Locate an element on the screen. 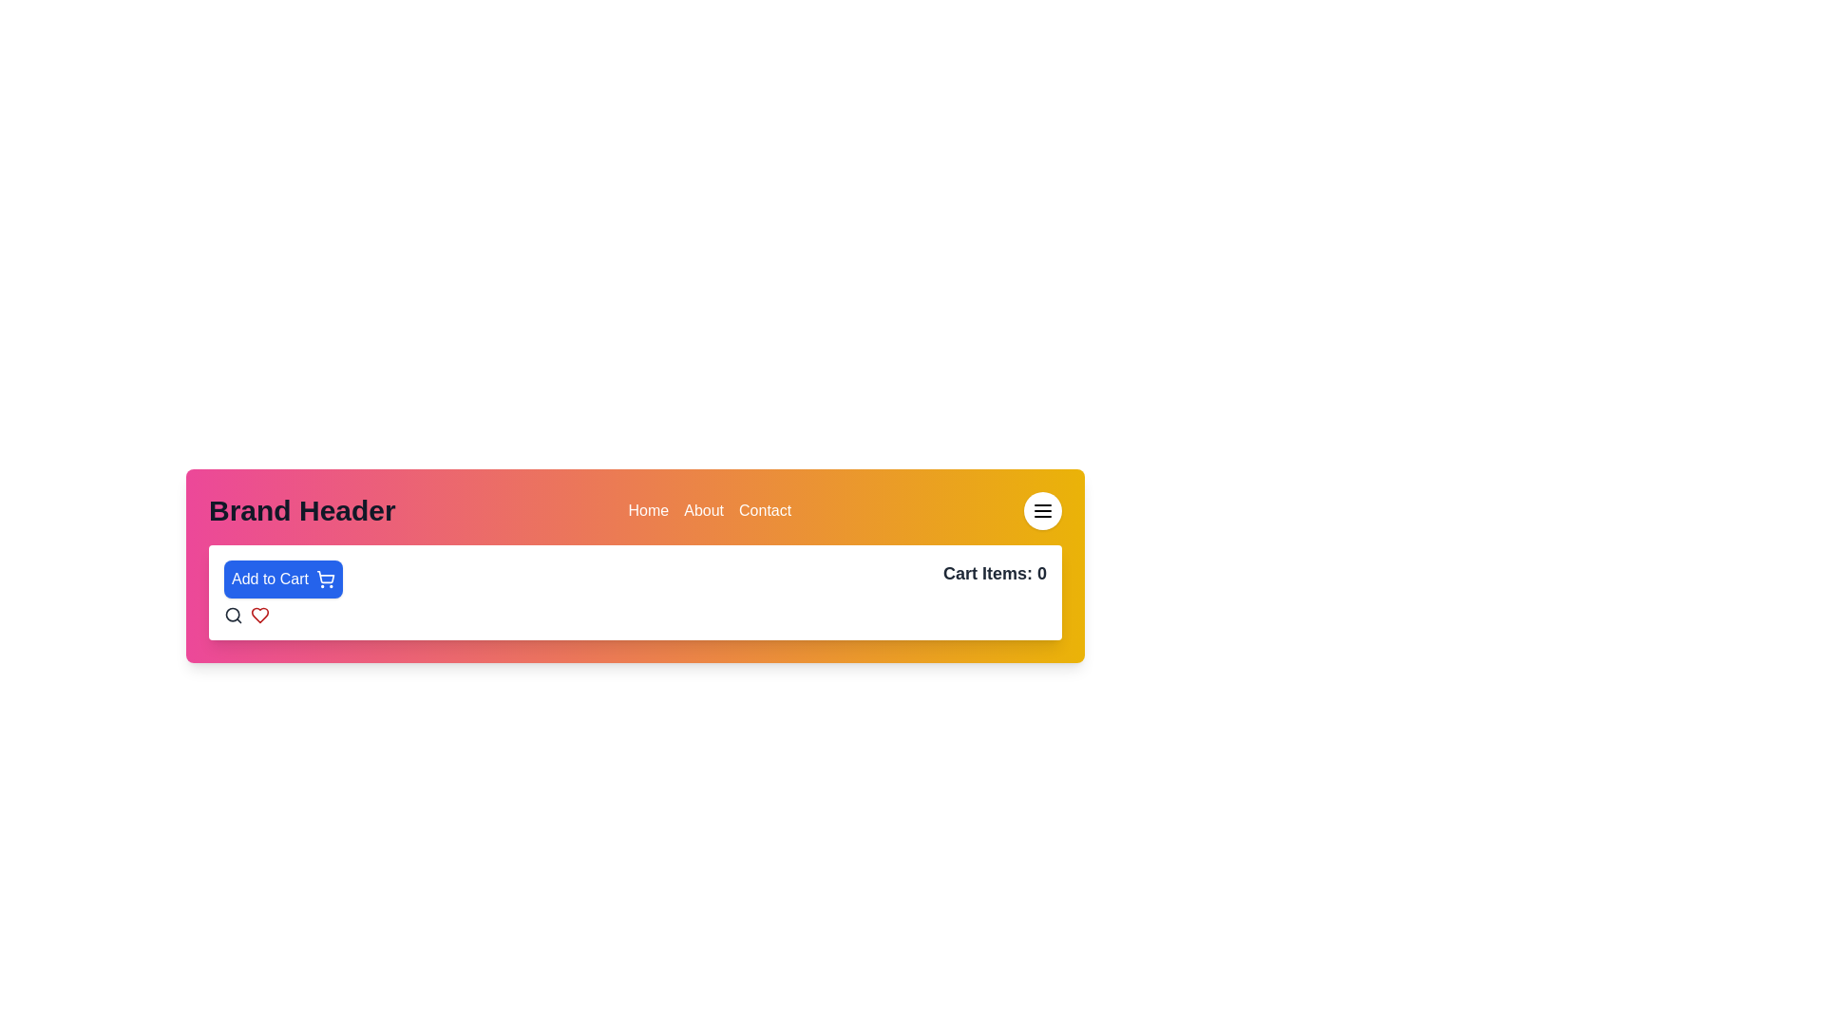 The image size is (1824, 1026). one of the navigation links in the Navigation bar that features the text 'Brand Header' on the left and options 'Home', 'About', and 'Contact' on the right is located at coordinates (635, 509).